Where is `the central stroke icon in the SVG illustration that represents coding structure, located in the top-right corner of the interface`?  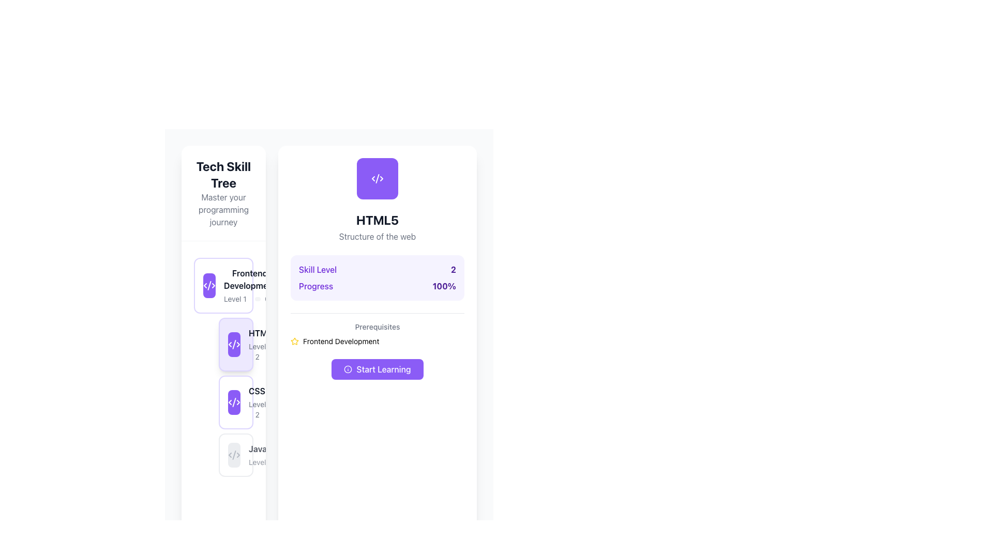
the central stroke icon in the SVG illustration that represents coding structure, located in the top-right corner of the interface is located at coordinates (377, 178).